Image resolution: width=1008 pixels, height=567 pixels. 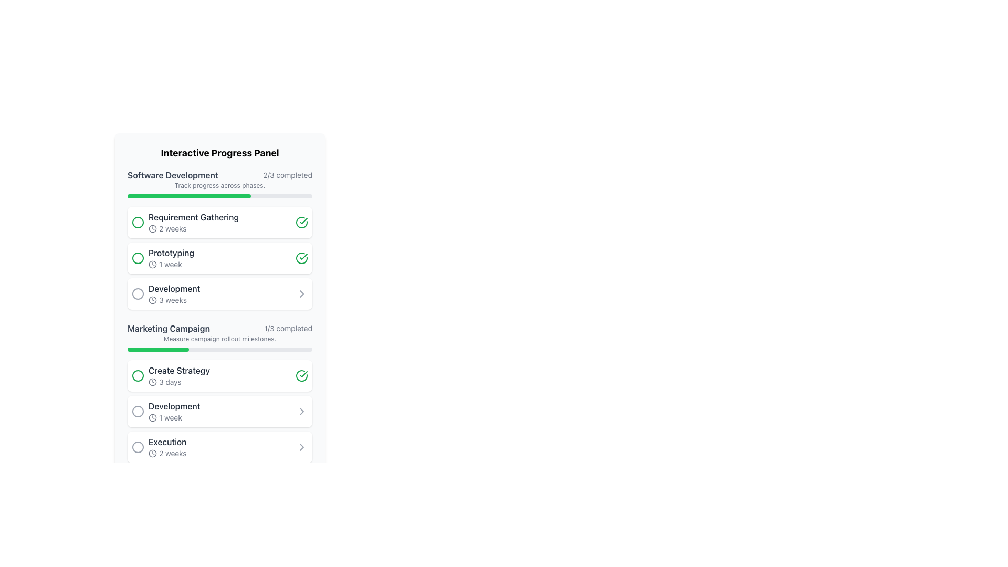 I want to click on the text label displaying 'Execution' in bold dark gray font within the 'Marketing Campaign' section, so click(x=167, y=442).